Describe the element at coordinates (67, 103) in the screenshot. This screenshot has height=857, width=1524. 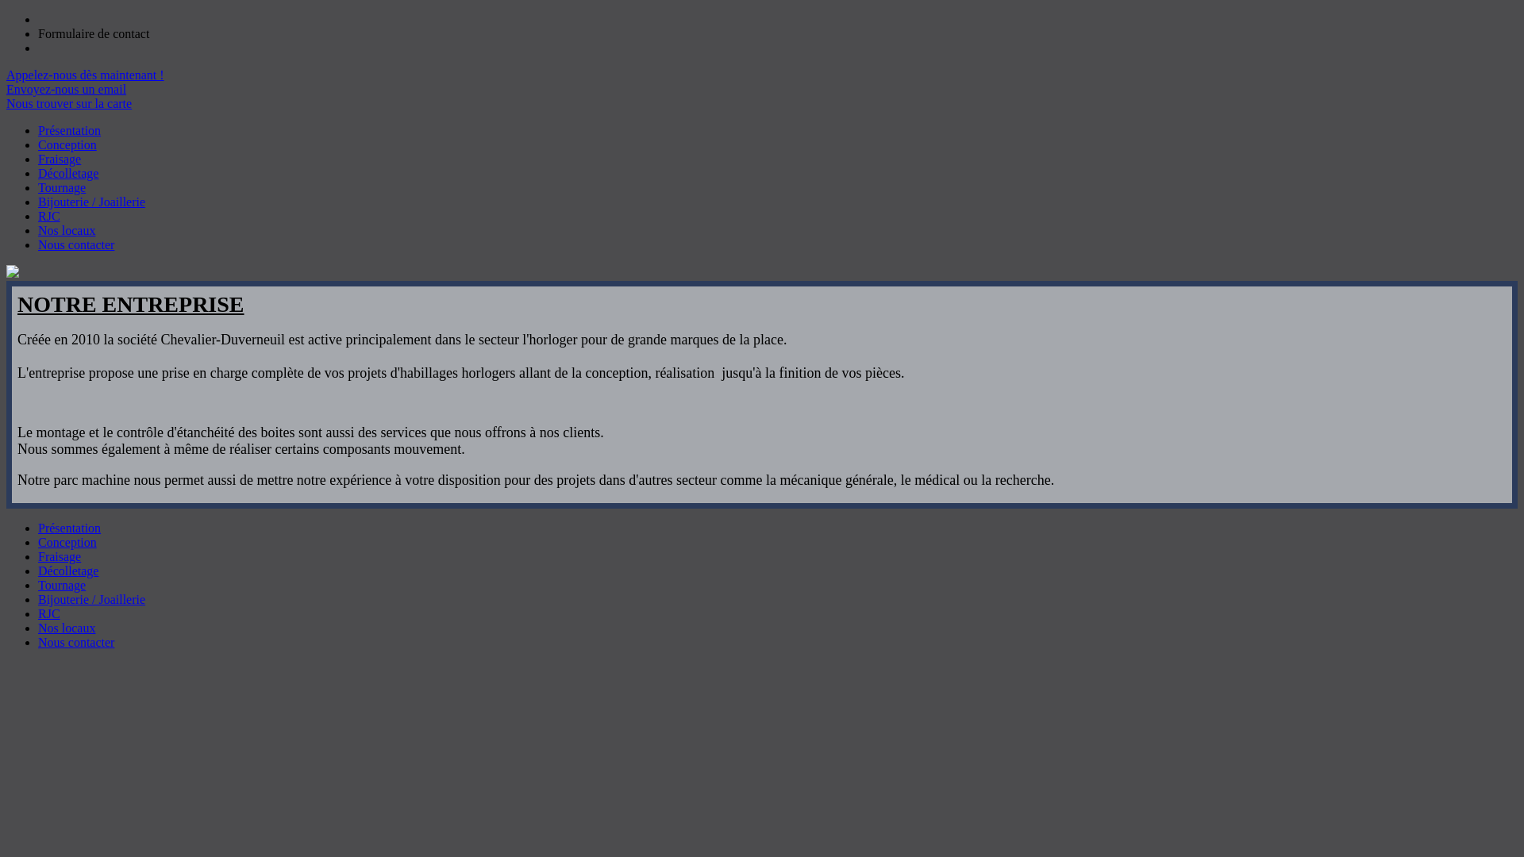
I see `'Nous trouver sur la carte'` at that location.